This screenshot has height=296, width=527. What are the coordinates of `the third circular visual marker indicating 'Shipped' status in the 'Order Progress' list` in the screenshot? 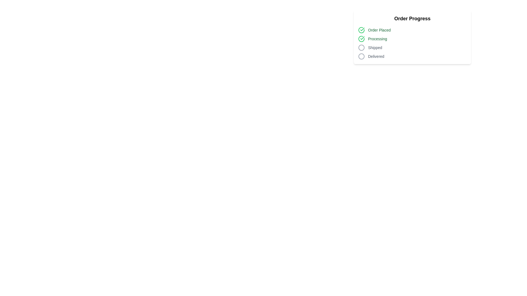 It's located at (361, 47).